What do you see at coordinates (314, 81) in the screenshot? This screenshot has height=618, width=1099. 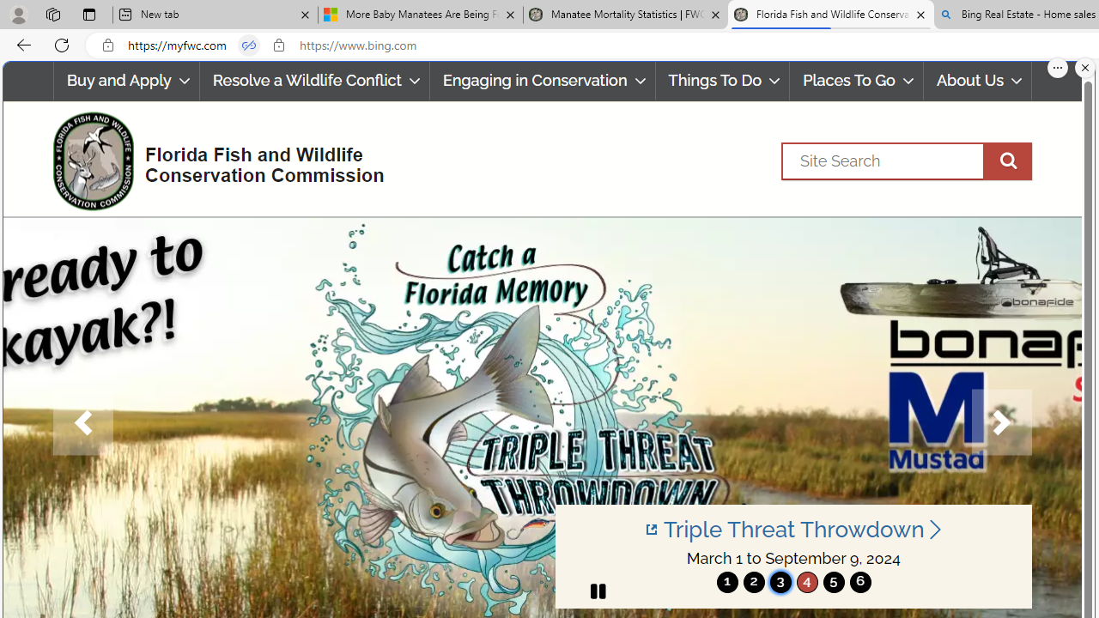 I see `'Resolve a Wildlife Conflict'` at bounding box center [314, 81].